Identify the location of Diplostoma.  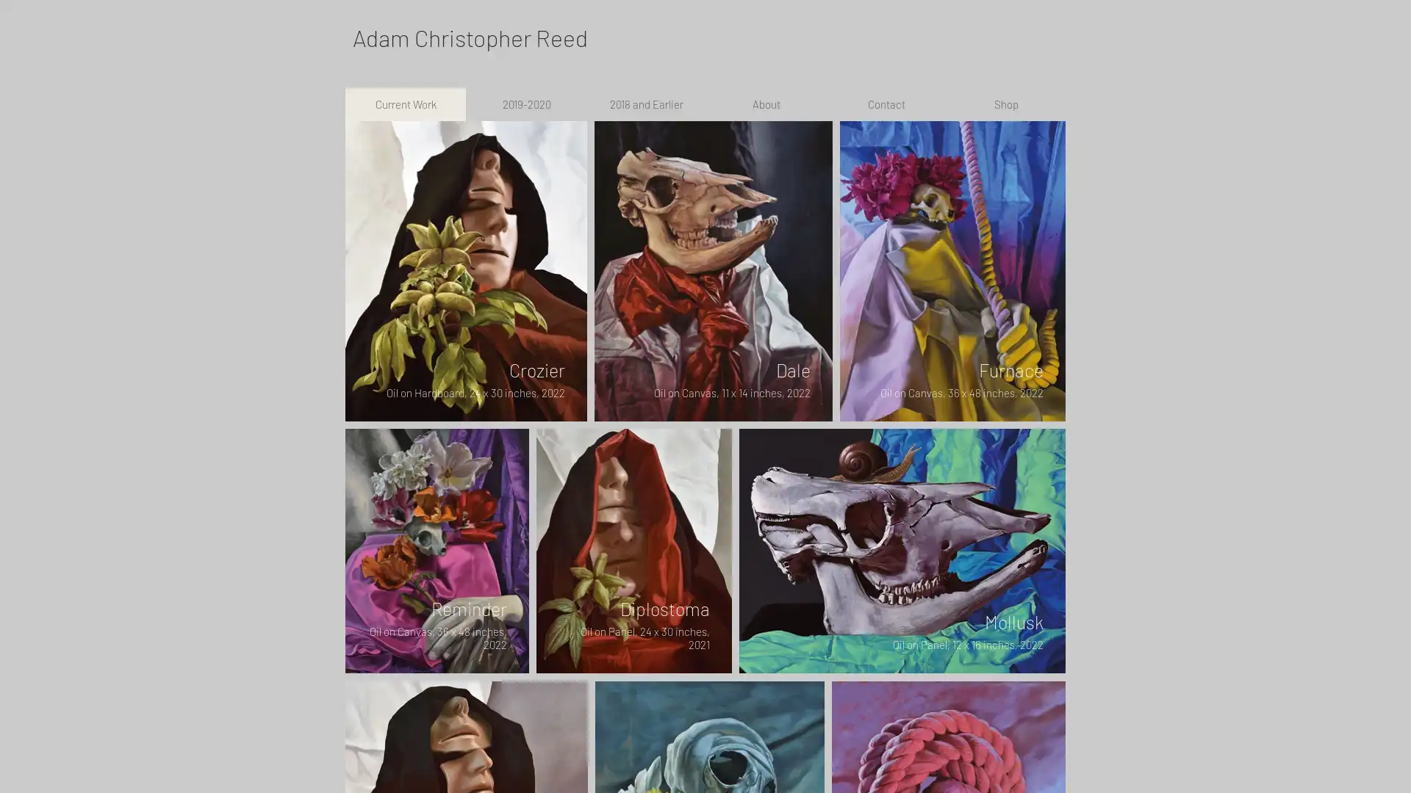
(634, 551).